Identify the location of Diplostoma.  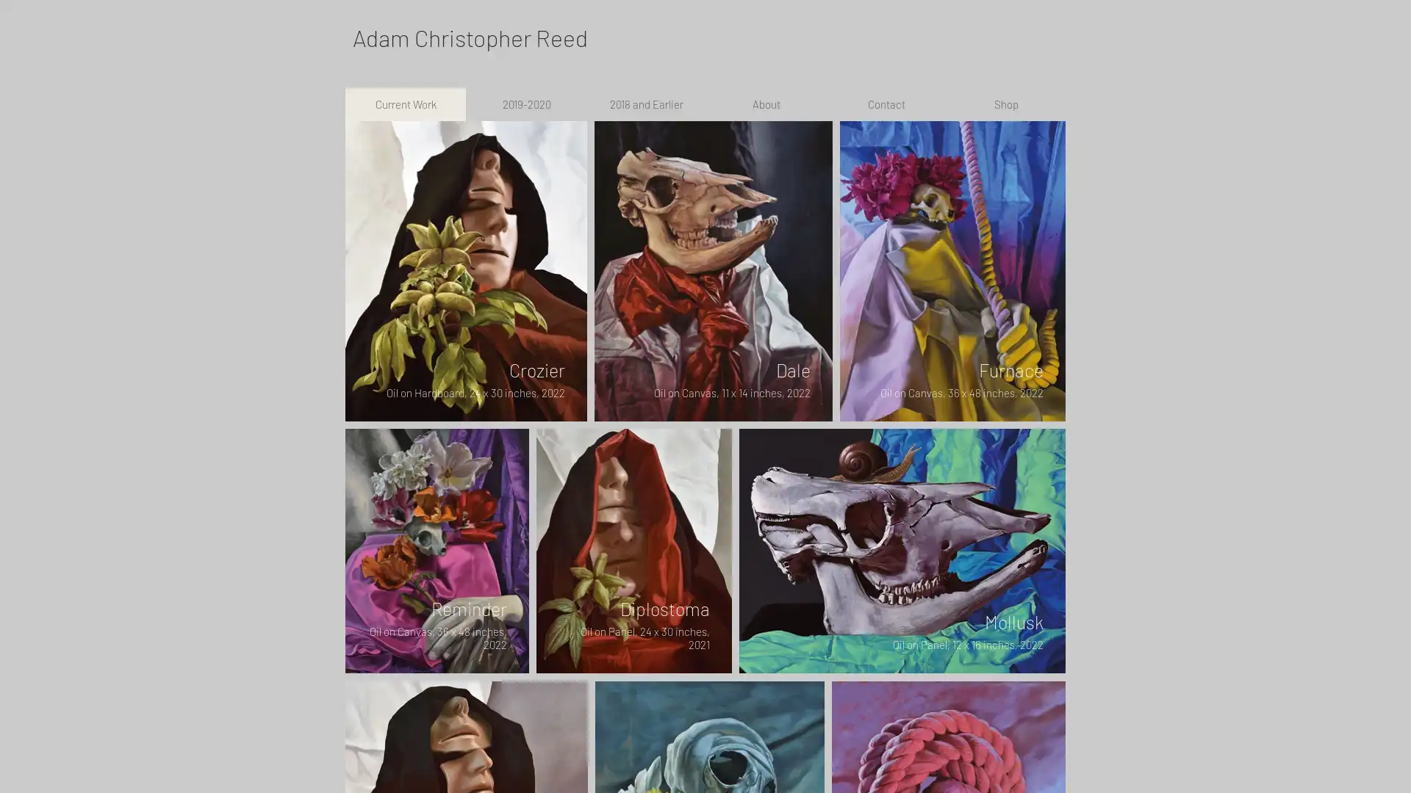
(634, 551).